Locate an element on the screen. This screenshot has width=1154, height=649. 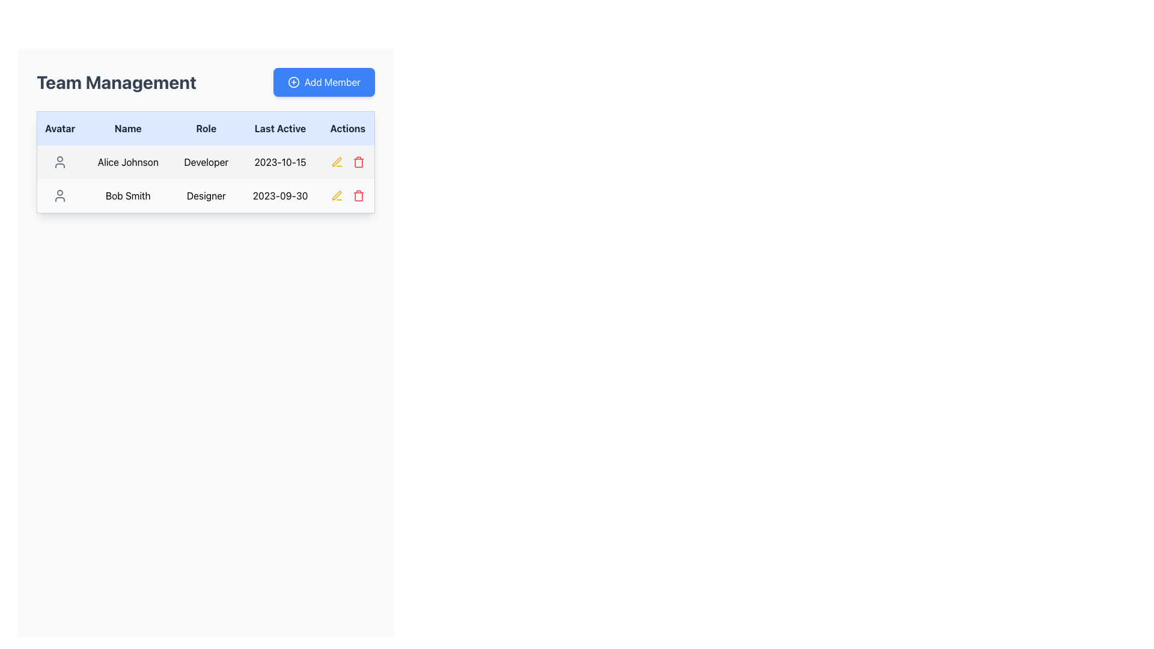
the text label displaying 'Alice Johnson' in the second column of the first row of the 'Team Management' layout is located at coordinates (128, 162).